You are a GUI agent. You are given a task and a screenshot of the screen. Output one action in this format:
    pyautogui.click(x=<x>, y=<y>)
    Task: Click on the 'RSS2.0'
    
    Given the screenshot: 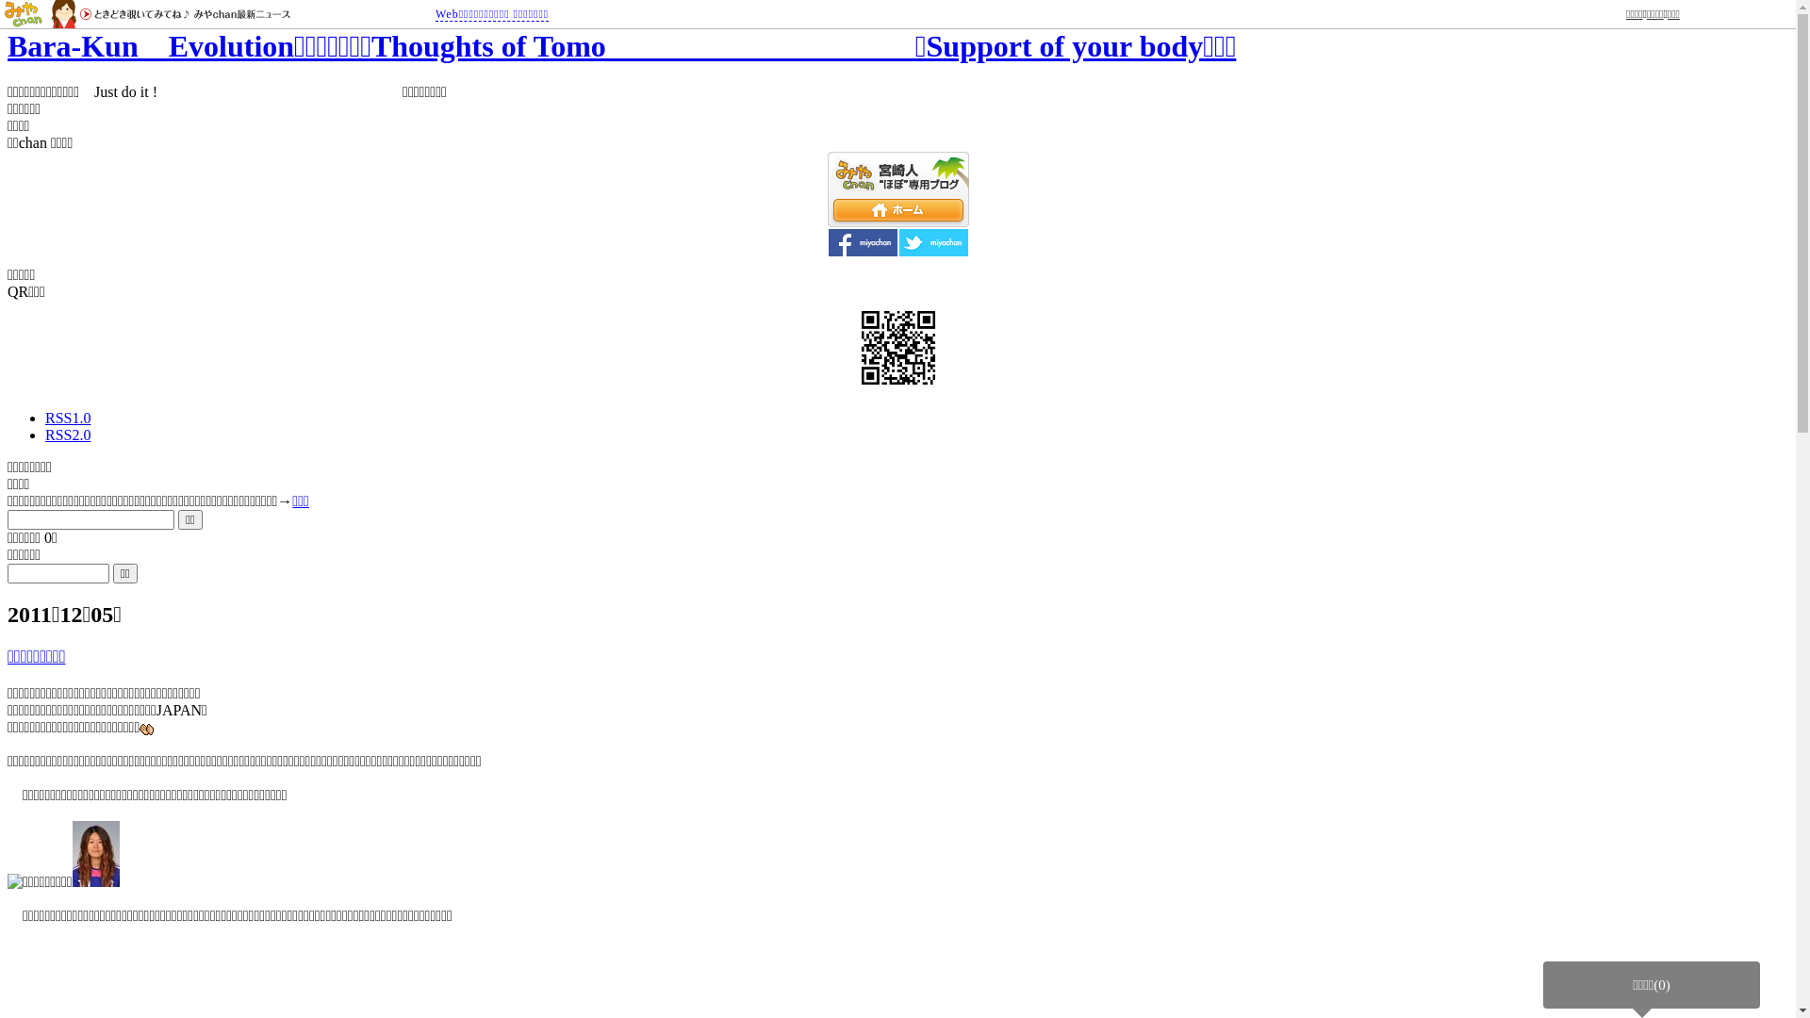 What is the action you would take?
    pyautogui.click(x=68, y=435)
    